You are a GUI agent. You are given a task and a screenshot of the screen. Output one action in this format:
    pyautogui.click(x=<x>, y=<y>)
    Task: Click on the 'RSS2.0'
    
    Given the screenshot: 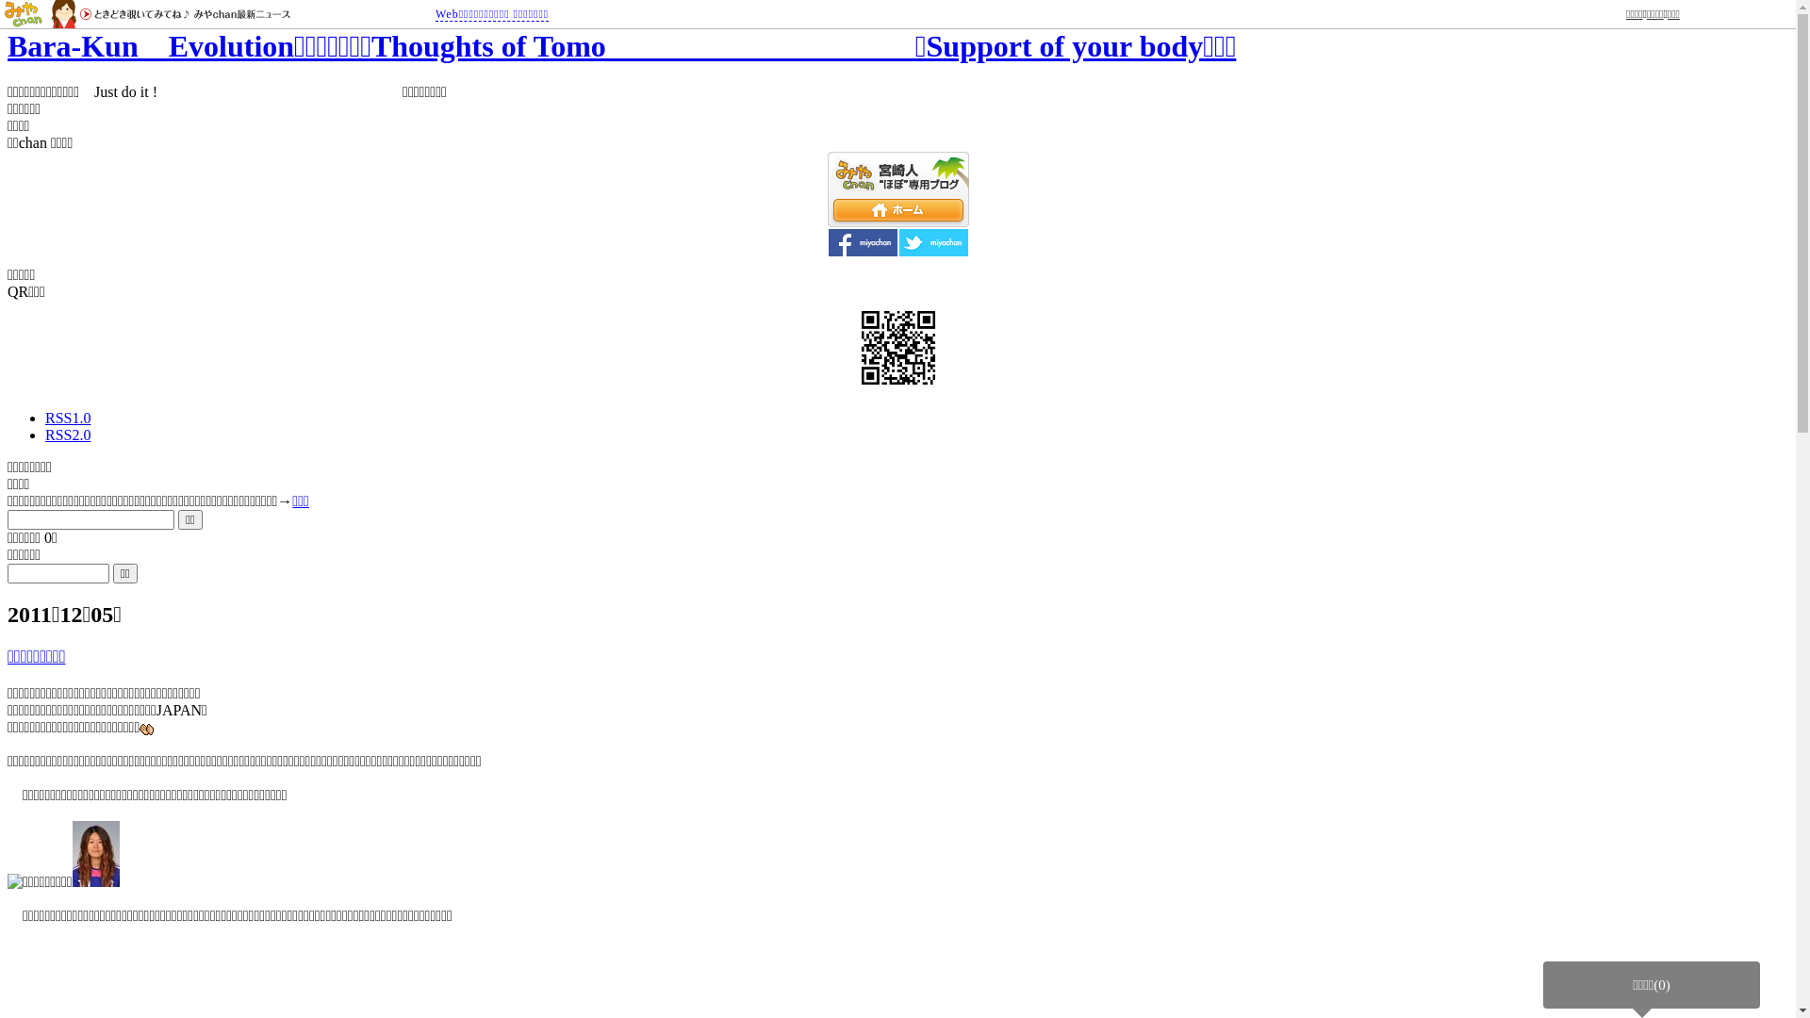 What is the action you would take?
    pyautogui.click(x=68, y=435)
    